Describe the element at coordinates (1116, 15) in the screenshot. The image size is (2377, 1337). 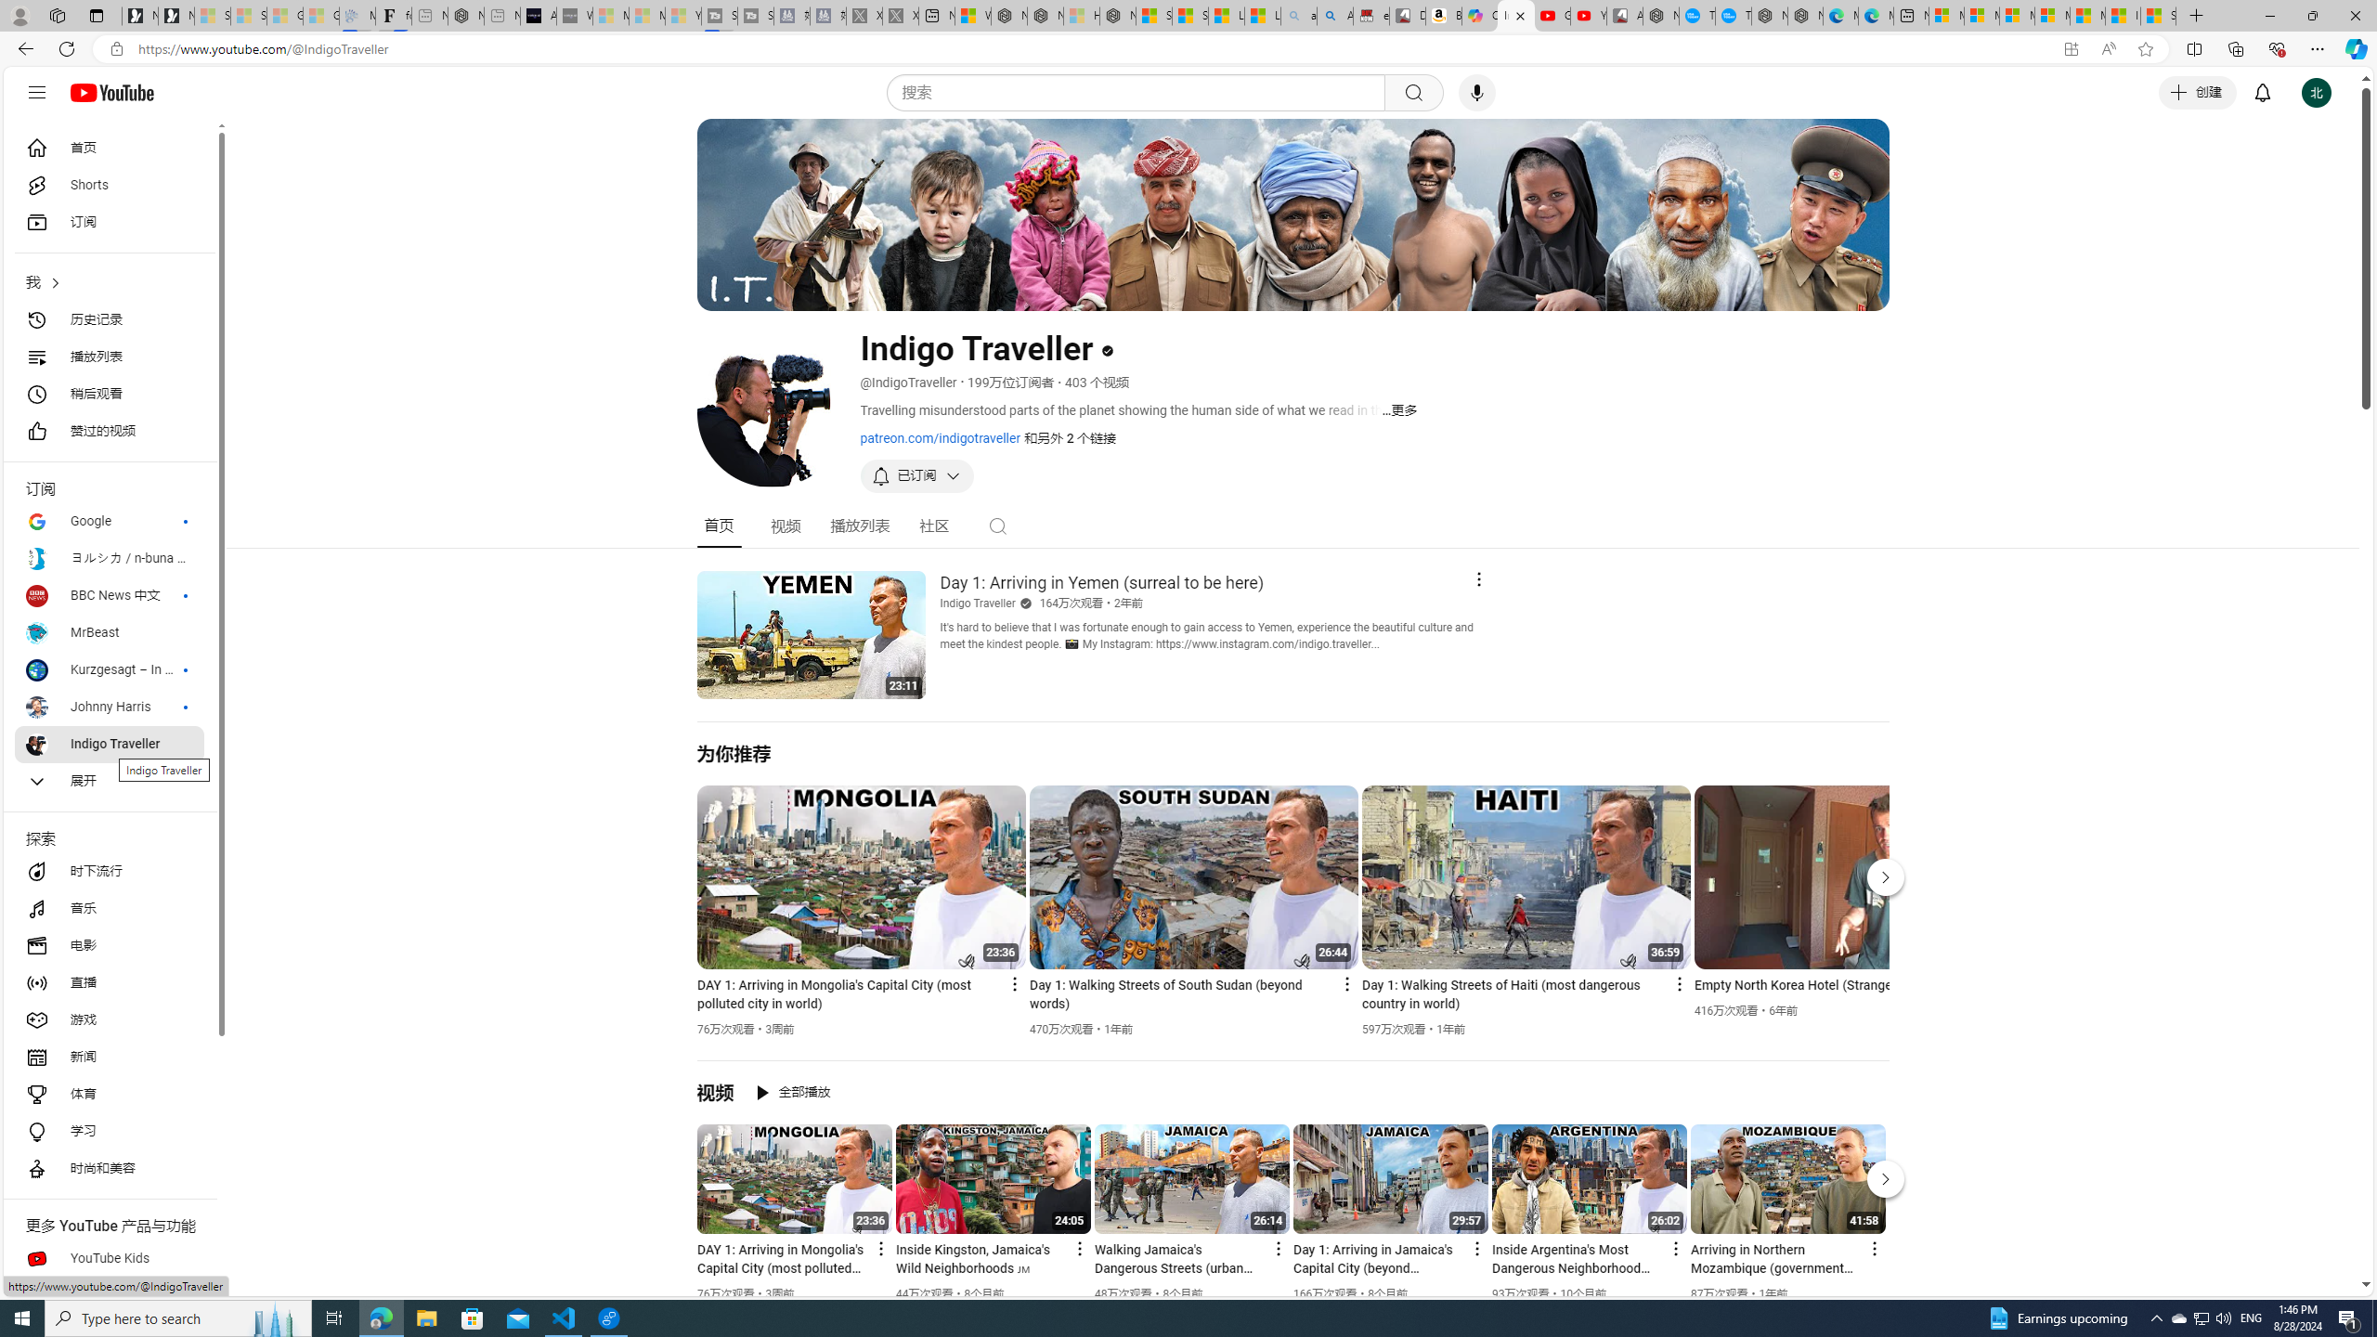
I see `'Nordace - Nordace Siena Is Not An Ordinary Backpack'` at that location.